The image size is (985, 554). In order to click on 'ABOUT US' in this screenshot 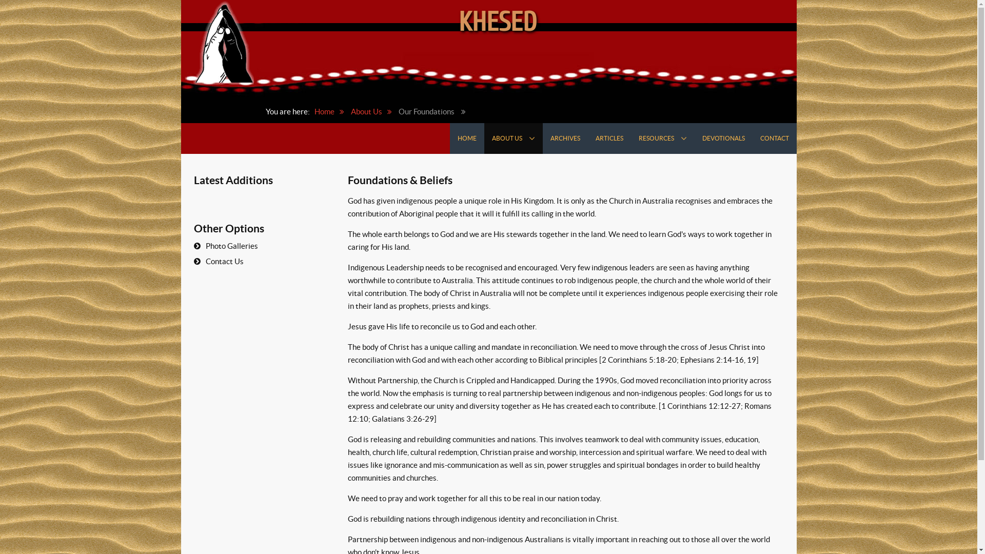, I will do `click(514, 138)`.